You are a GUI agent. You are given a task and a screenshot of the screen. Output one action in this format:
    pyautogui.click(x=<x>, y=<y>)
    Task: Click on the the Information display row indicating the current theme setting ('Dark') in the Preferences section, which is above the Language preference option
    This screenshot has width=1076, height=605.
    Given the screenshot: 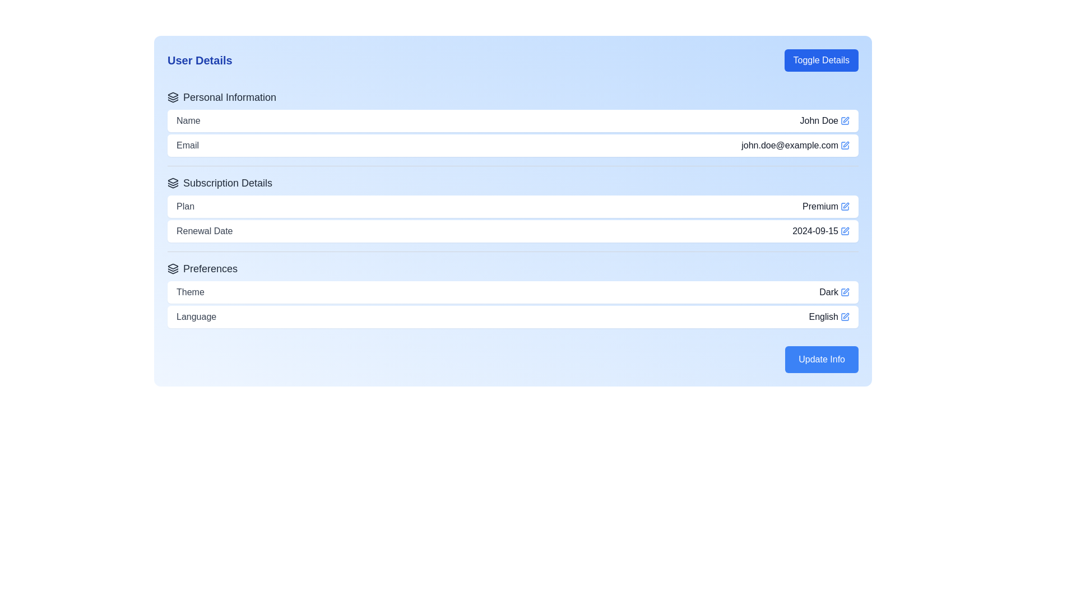 What is the action you would take?
    pyautogui.click(x=512, y=291)
    